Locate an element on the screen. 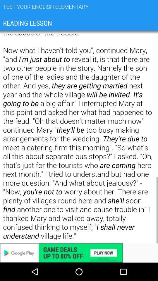 This screenshot has width=158, height=281. try this promotion is located at coordinates (79, 253).